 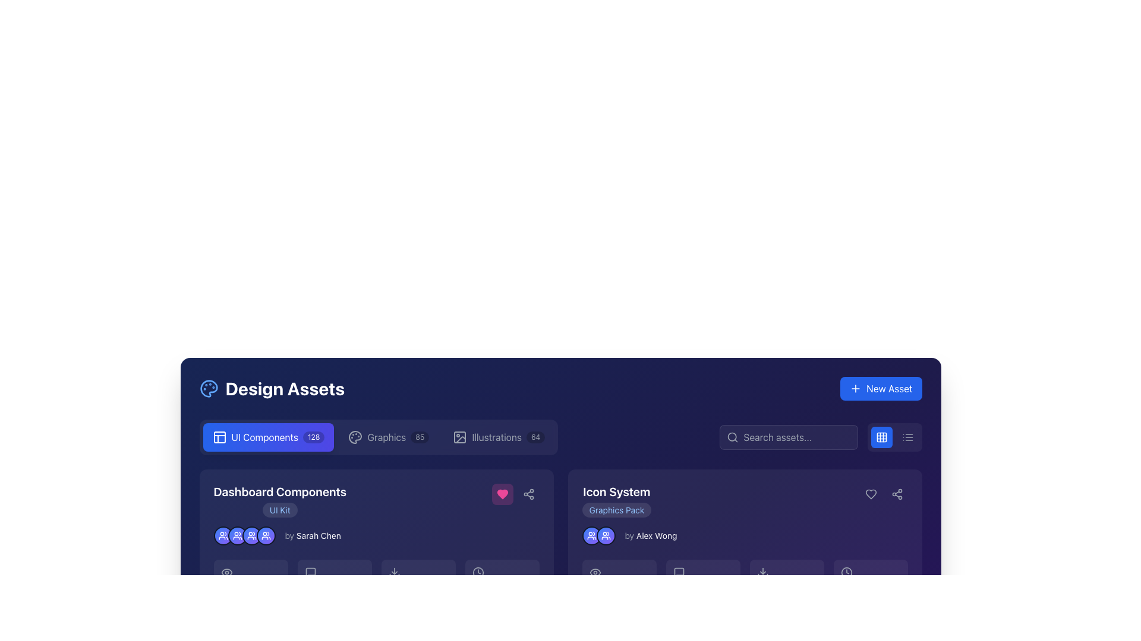 What do you see at coordinates (237, 535) in the screenshot?
I see `user group icon, which is a stylized representation of two people, located beneath the 'Dashboard Components' title, positioned within a blue circular background` at bounding box center [237, 535].